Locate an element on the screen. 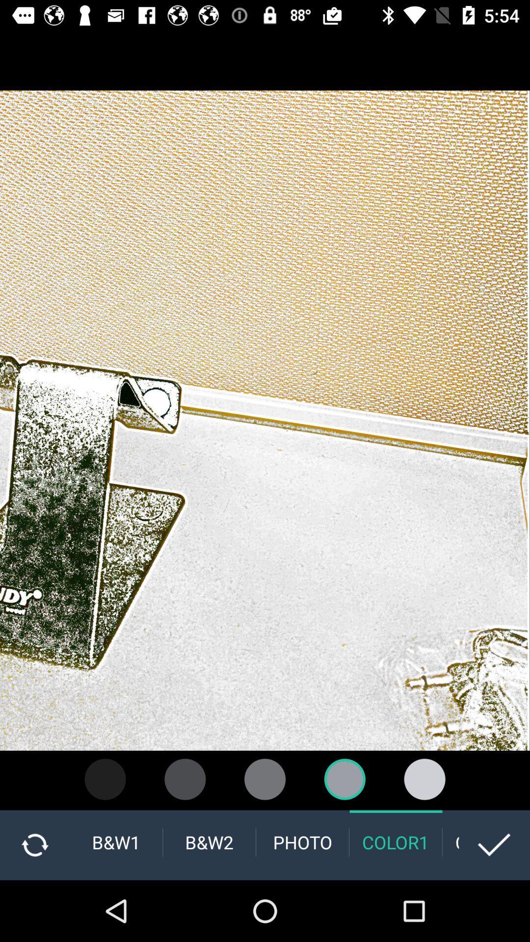 Image resolution: width=530 pixels, height=942 pixels. the avatar icon is located at coordinates (105, 779).